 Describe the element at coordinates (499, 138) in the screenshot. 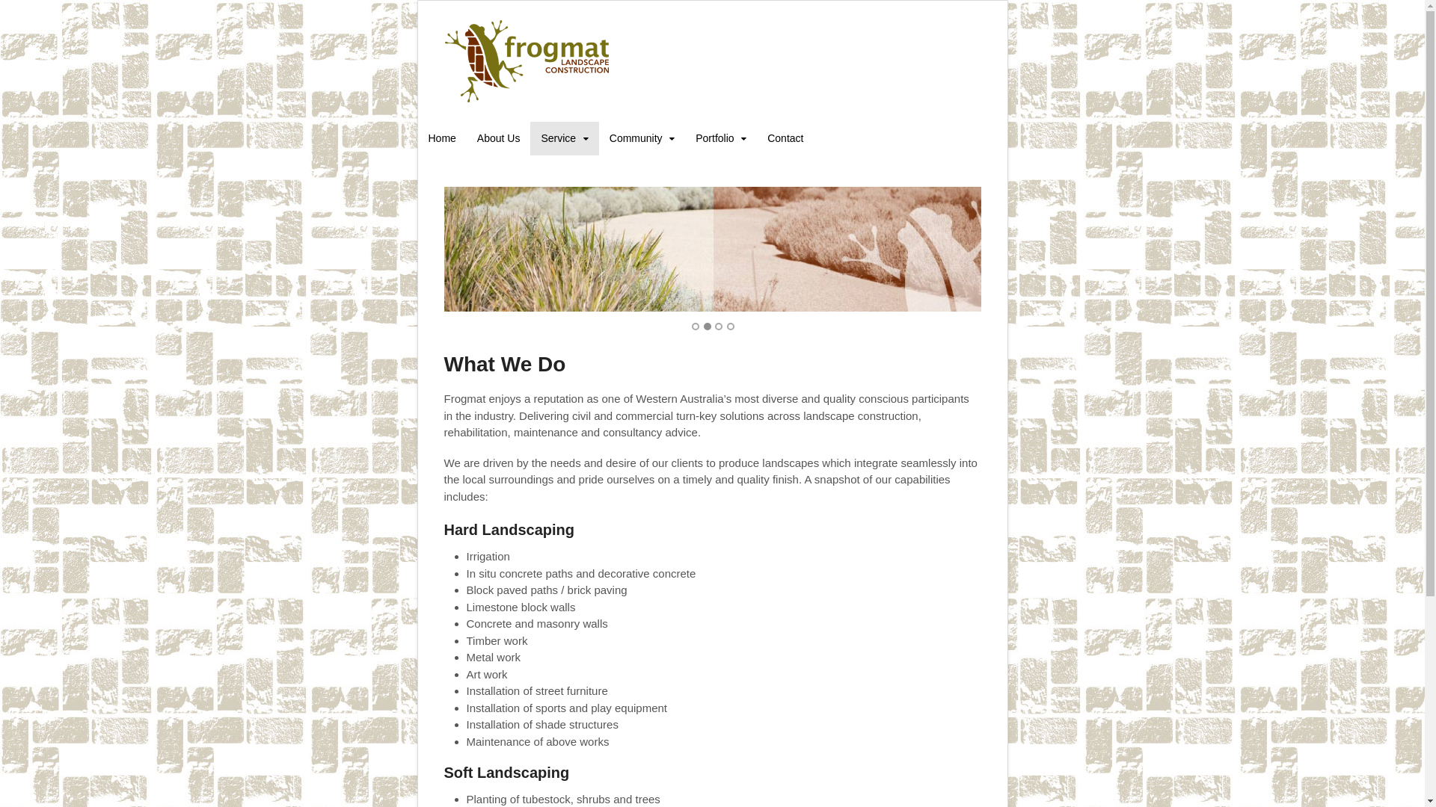

I see `'About Us'` at that location.